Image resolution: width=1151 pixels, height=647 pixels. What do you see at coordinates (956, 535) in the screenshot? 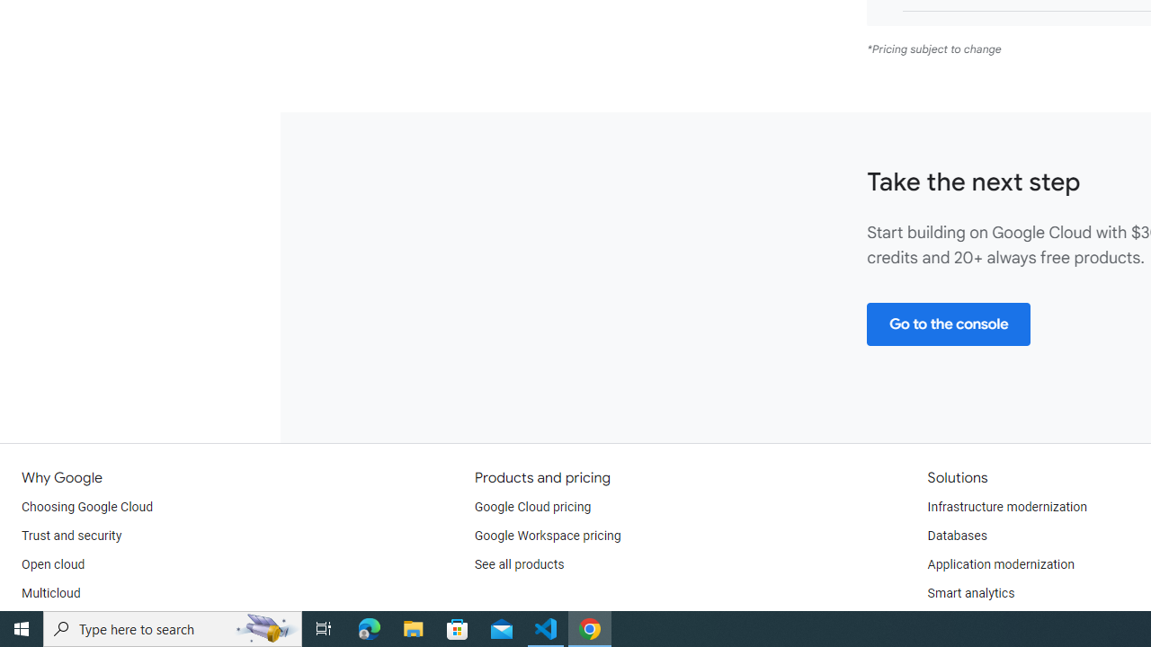
I see `'Databases'` at bounding box center [956, 535].